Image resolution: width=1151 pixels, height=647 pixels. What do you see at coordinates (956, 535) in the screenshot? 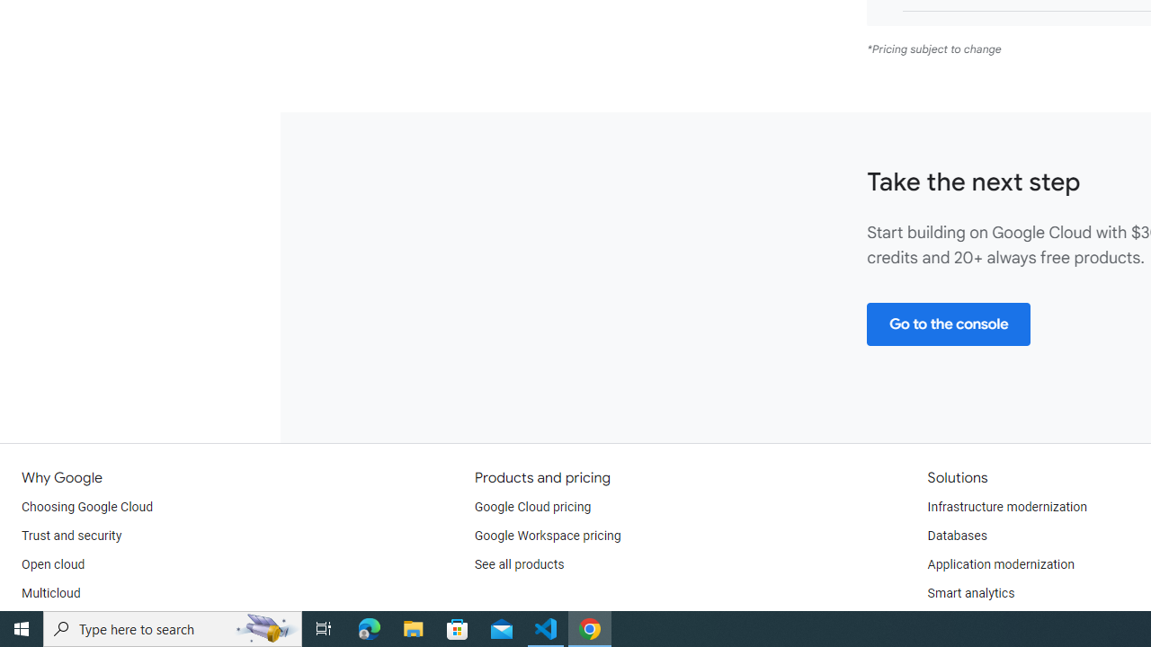
I see `'Databases'` at bounding box center [956, 535].